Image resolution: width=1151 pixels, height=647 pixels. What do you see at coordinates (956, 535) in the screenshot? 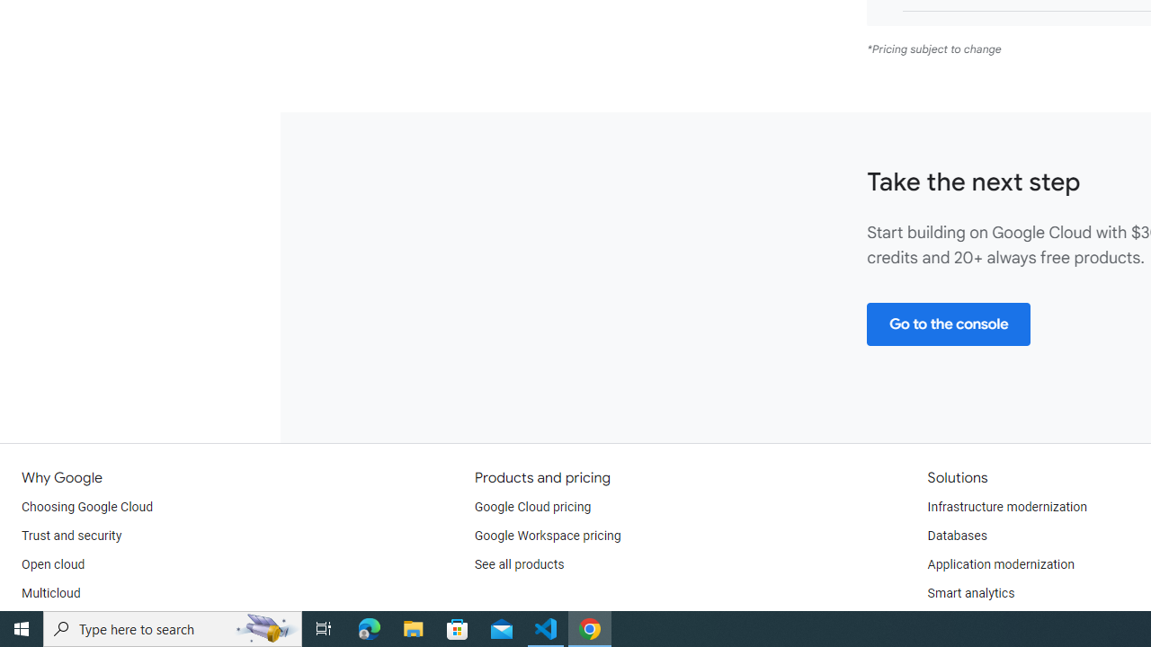
I see `'Databases'` at bounding box center [956, 535].